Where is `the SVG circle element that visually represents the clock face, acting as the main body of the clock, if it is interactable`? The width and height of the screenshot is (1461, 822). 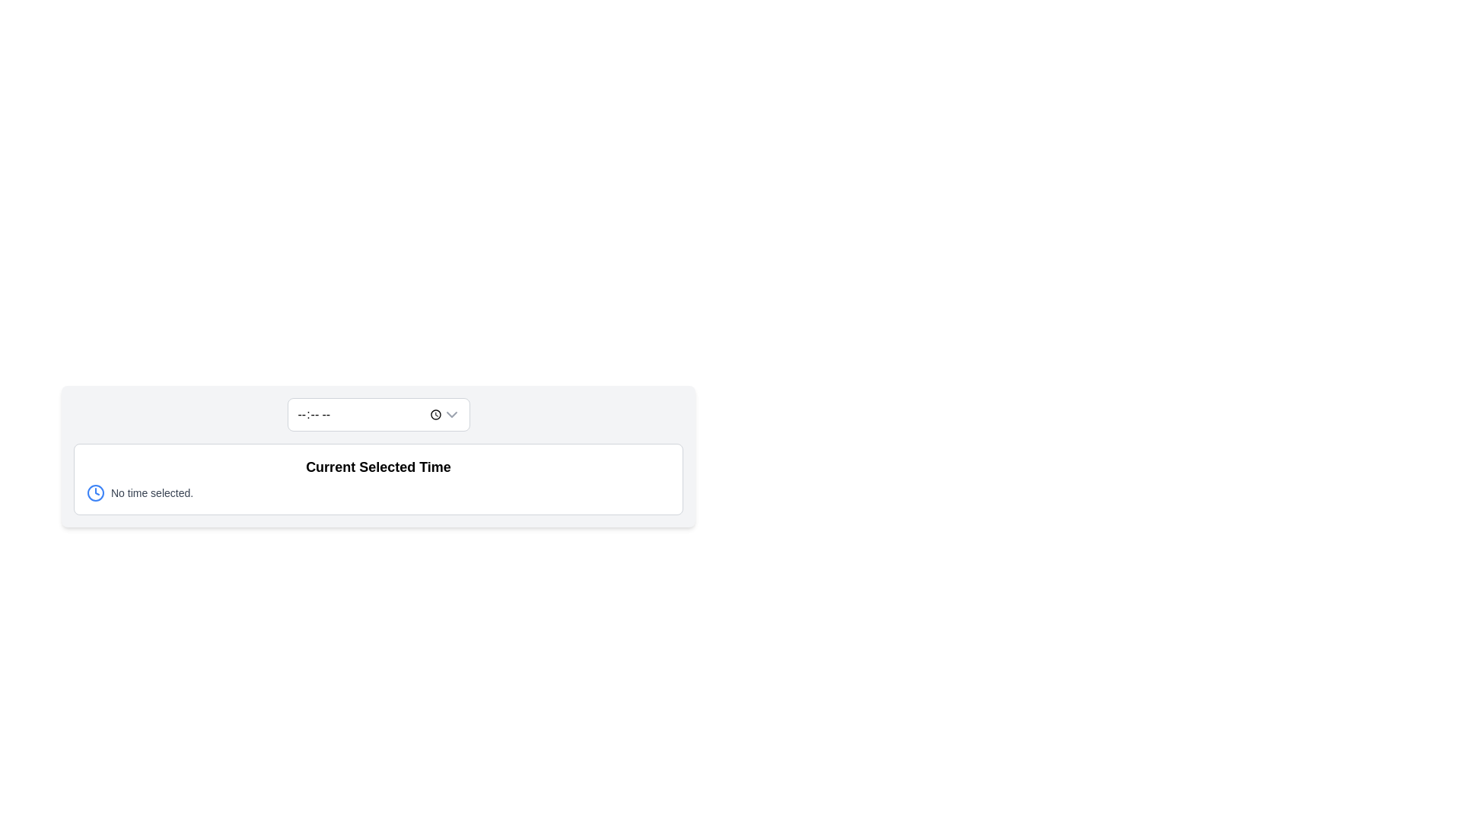 the SVG circle element that visually represents the clock face, acting as the main body of the clock, if it is interactable is located at coordinates (94, 493).